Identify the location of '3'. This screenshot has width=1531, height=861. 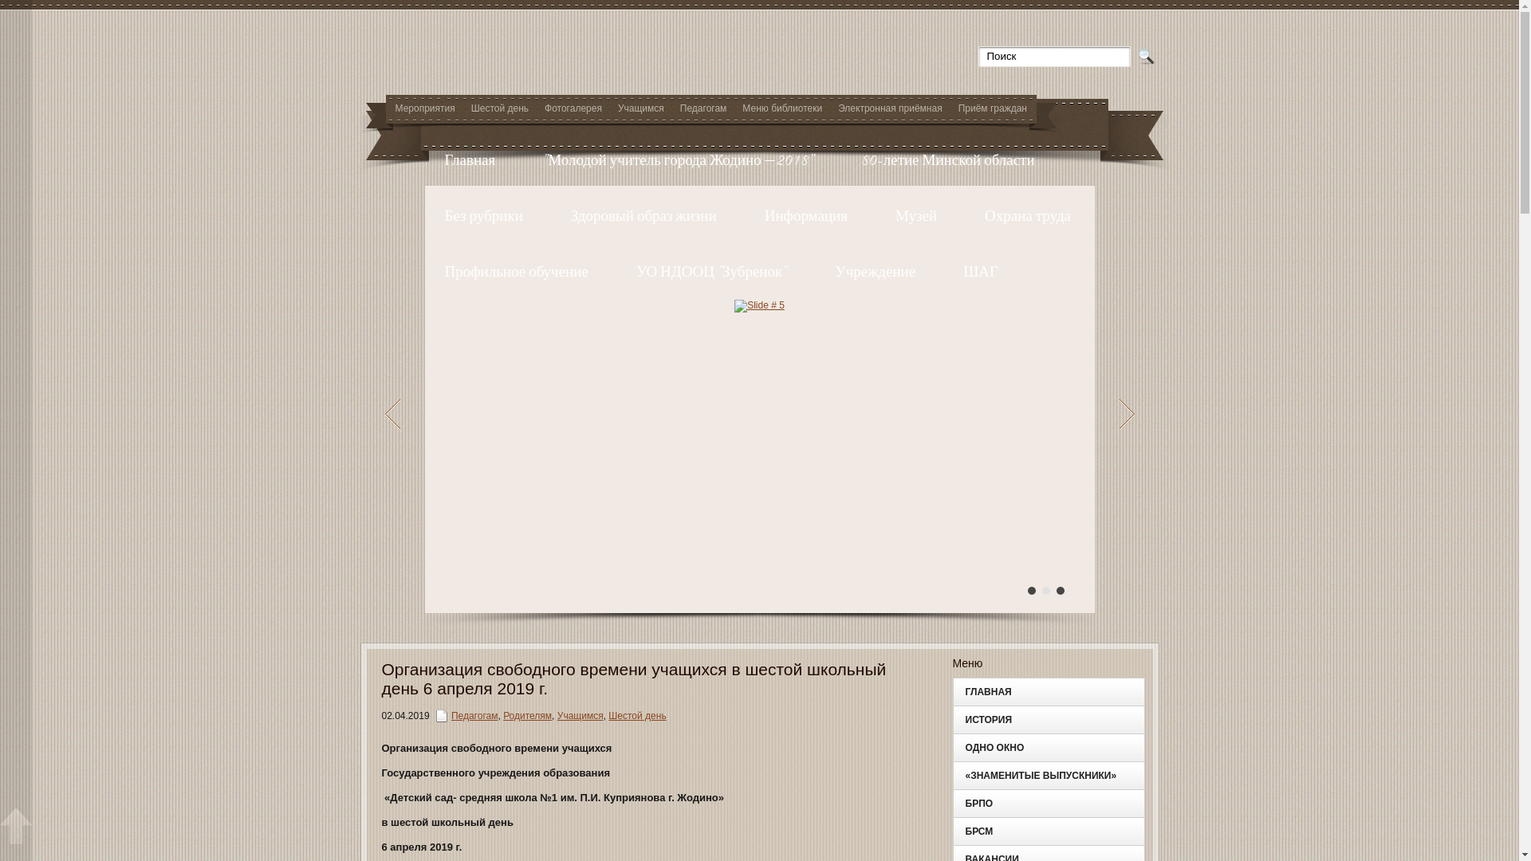
(1060, 590).